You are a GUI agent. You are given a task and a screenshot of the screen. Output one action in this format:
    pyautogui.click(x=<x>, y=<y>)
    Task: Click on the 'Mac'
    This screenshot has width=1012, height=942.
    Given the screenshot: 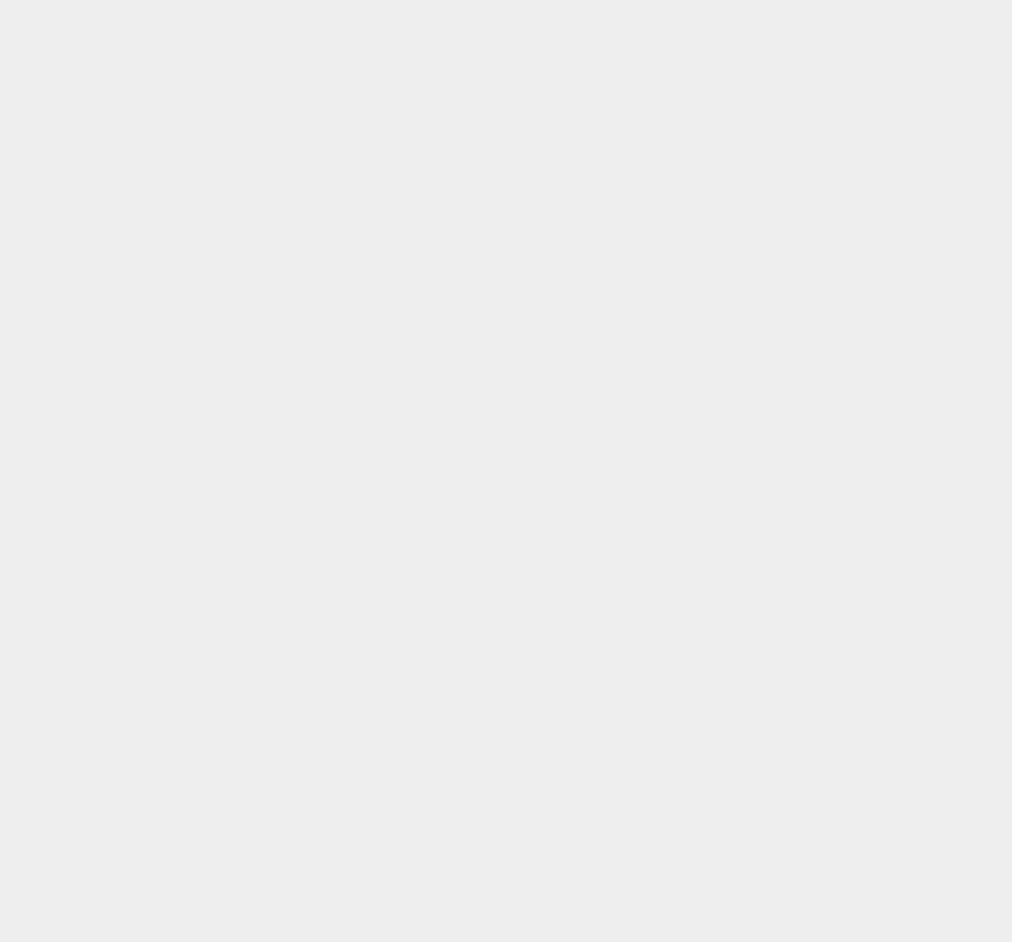 What is the action you would take?
    pyautogui.click(x=715, y=528)
    